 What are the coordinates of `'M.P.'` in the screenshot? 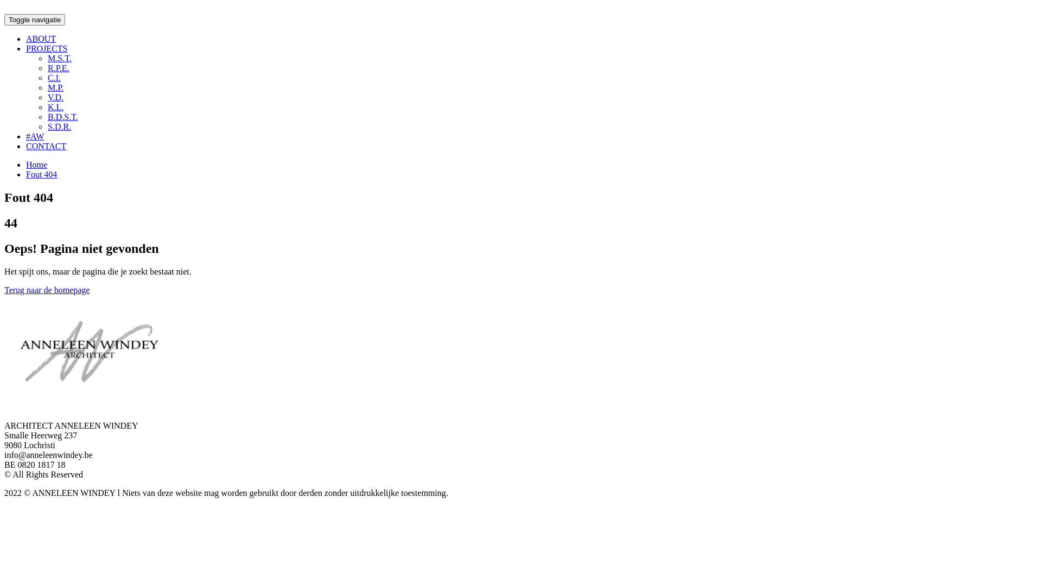 It's located at (55, 87).